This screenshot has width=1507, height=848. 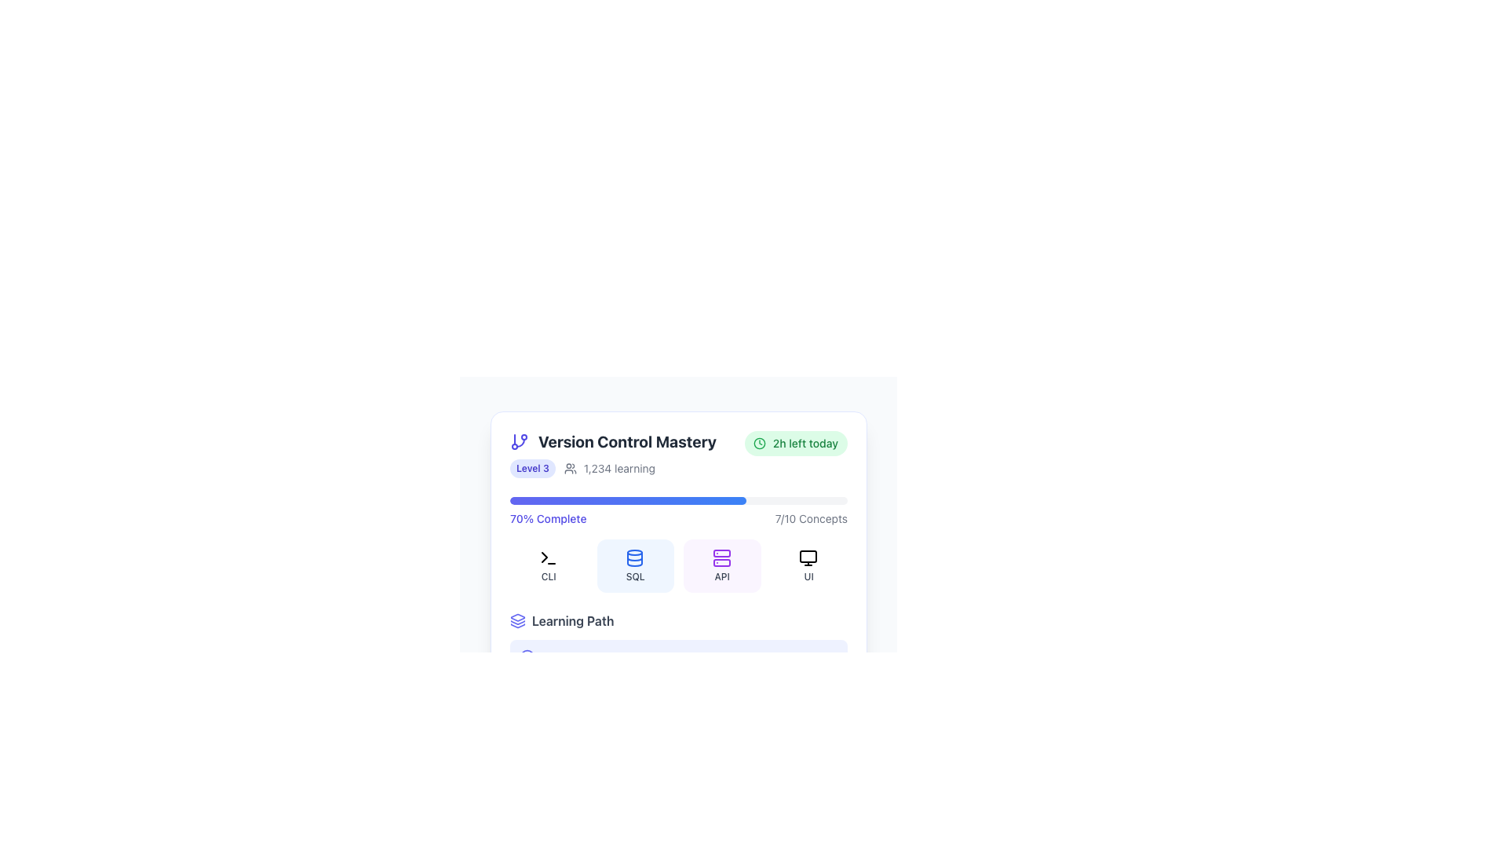 What do you see at coordinates (811, 518) in the screenshot?
I see `text content of the static text component displaying '7/10 Concepts', which is styled in a gray font and located to the right of the progress bar labeled '70% Complete'` at bounding box center [811, 518].